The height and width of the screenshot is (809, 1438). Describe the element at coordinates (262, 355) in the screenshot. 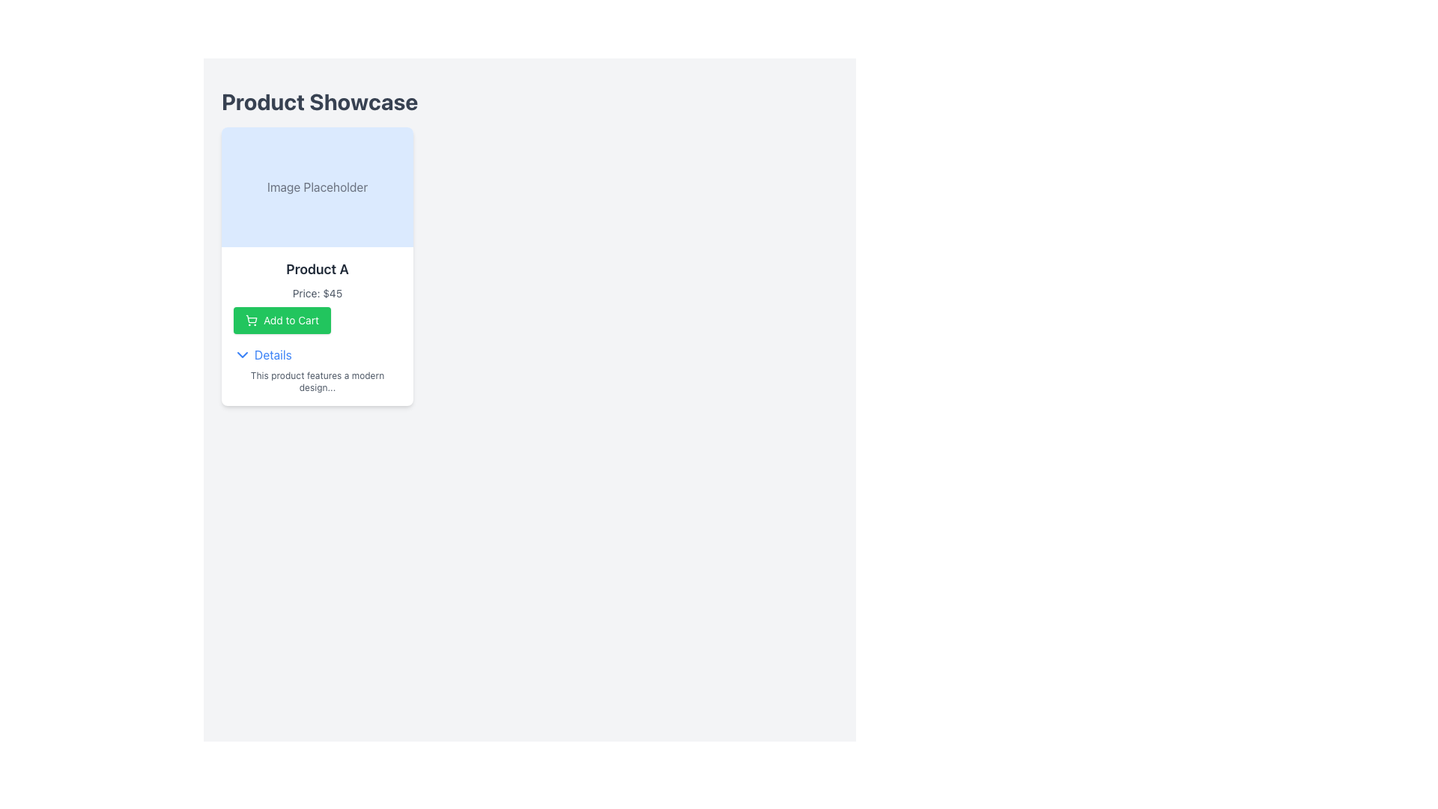

I see `the 'Details' link with the adjacent chevron-right icon within the 'Product A' card to underline it` at that location.